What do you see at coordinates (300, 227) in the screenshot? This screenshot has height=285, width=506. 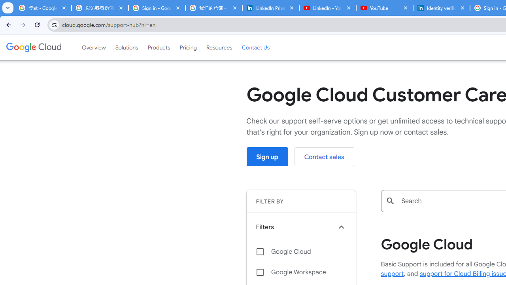 I see `'Filters keyboard_arrow_up'` at bounding box center [300, 227].